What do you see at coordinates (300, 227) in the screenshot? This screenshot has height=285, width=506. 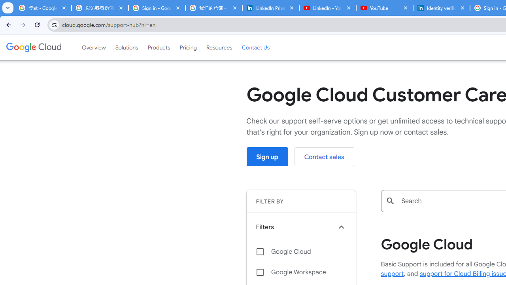 I see `'Filters keyboard_arrow_up'` at bounding box center [300, 227].